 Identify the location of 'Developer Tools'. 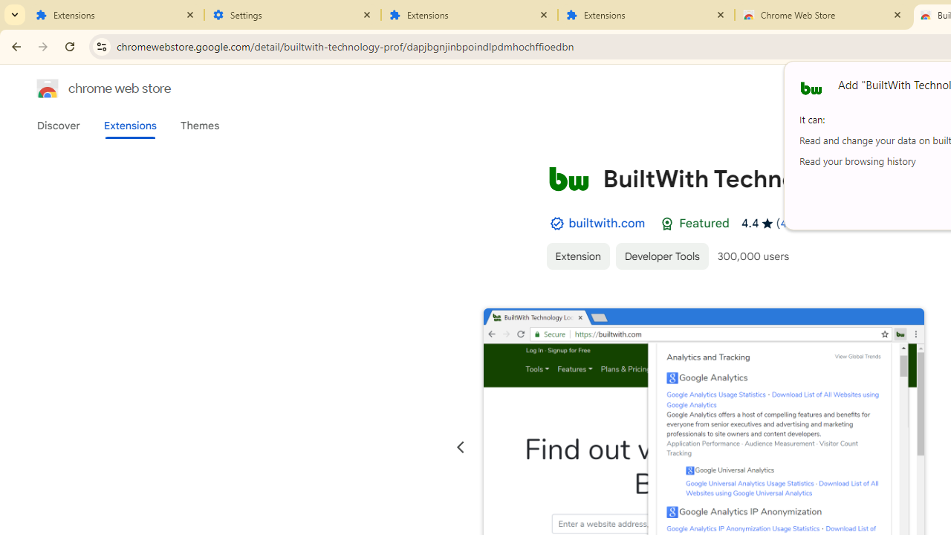
(660, 255).